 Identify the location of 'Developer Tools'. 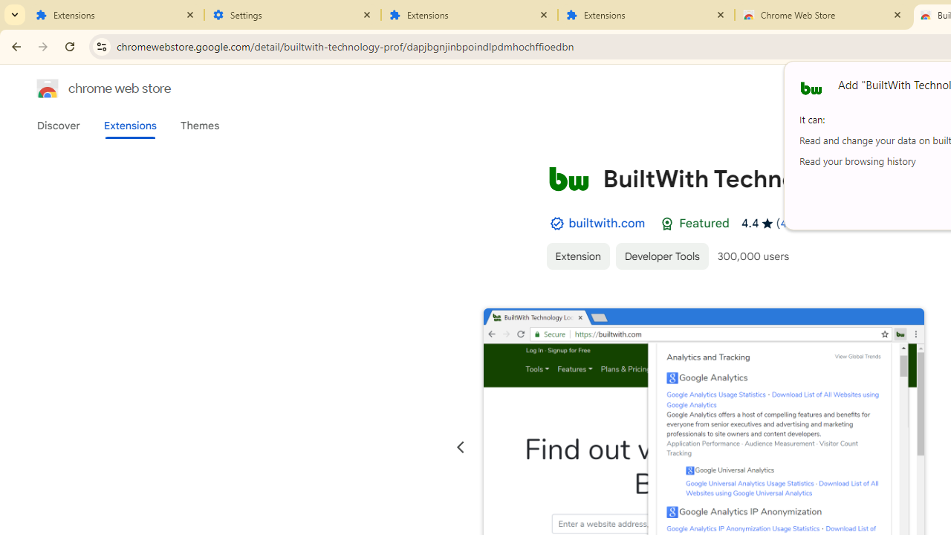
(660, 255).